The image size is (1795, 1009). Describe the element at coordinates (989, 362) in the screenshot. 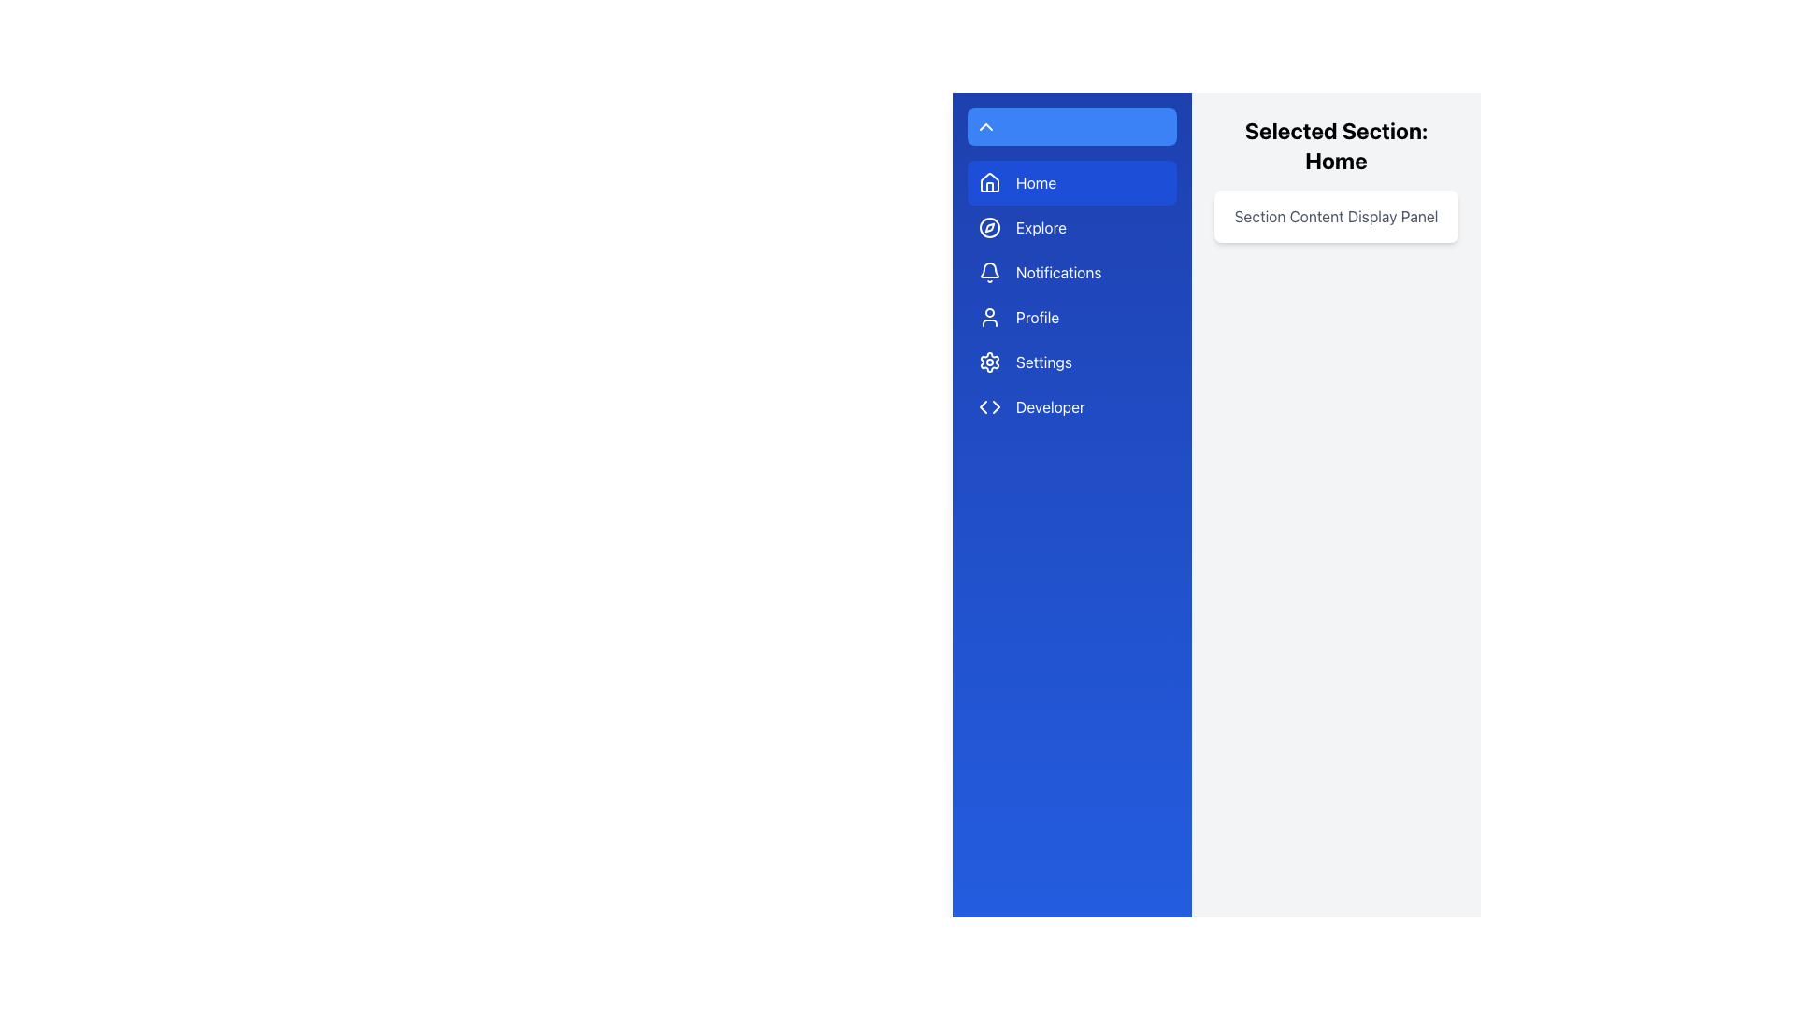

I see `the cogwheel icon in the vertical sidebar menu, adjacent to the text 'Settings'` at that location.